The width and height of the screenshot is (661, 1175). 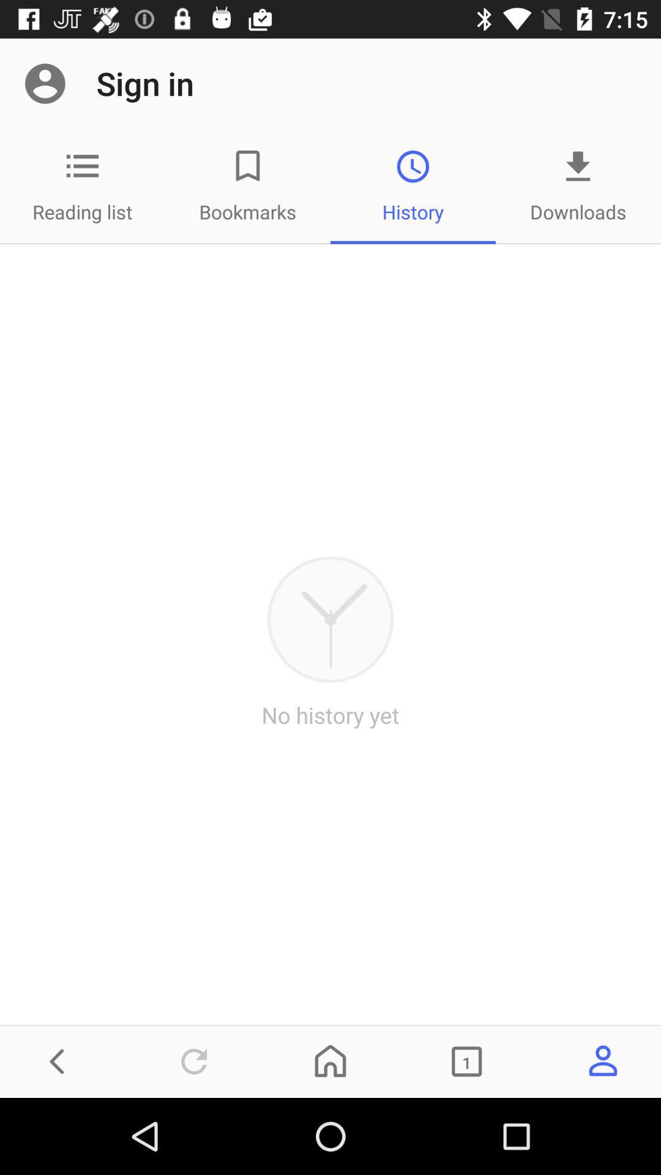 What do you see at coordinates (330, 1061) in the screenshot?
I see `the home button at the bottom center of the page` at bounding box center [330, 1061].